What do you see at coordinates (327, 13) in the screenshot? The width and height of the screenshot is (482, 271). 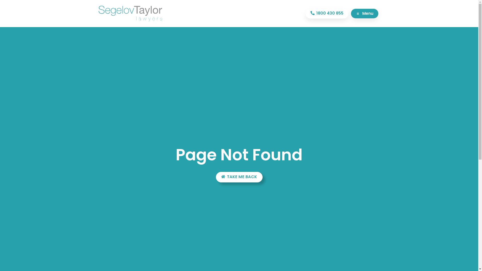 I see `'1800 430 855'` at bounding box center [327, 13].